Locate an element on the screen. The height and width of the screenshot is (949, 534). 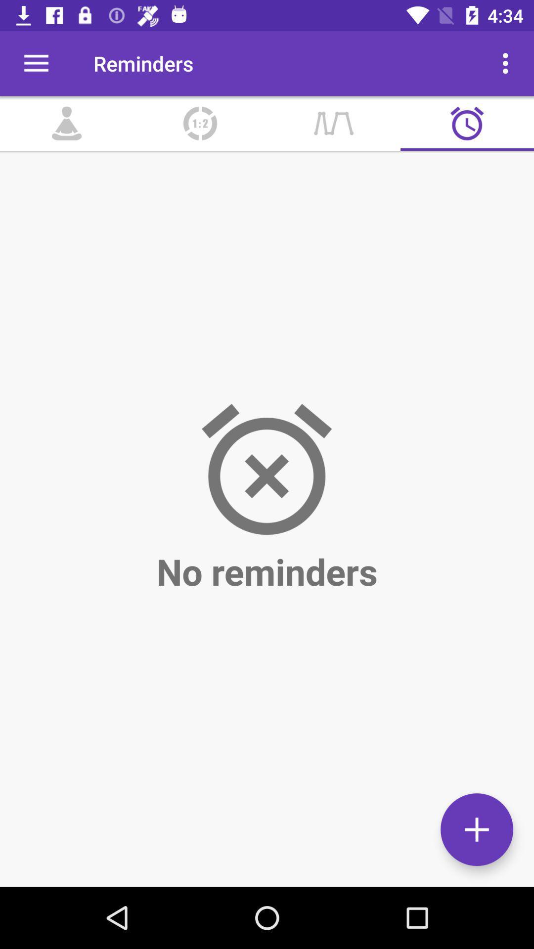
the add icon is located at coordinates (476, 829).